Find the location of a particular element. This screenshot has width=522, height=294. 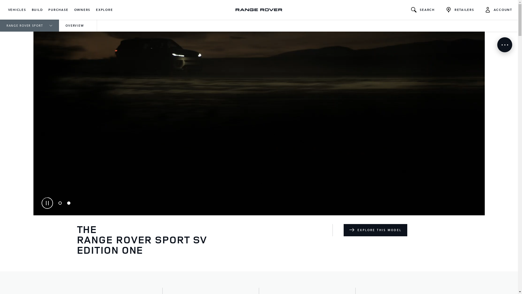

'RETAILERS' is located at coordinates (459, 10).